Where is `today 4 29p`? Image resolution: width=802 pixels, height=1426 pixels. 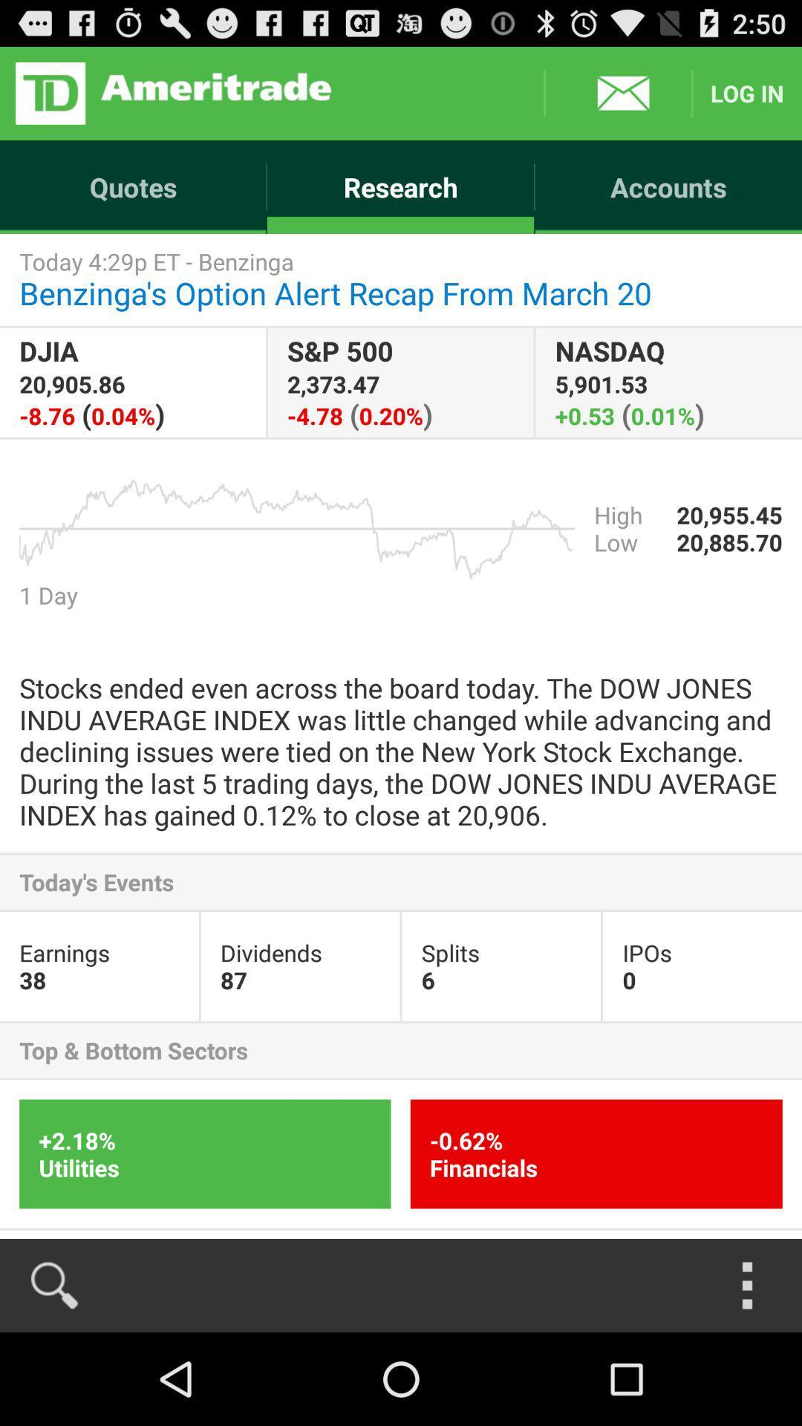 today 4 29p is located at coordinates (401, 279).